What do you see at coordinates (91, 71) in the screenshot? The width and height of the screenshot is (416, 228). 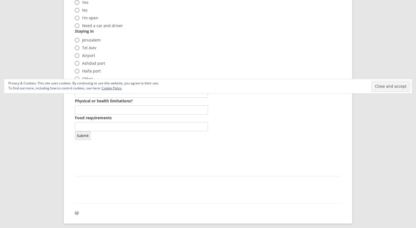 I see `'Haifa port'` at bounding box center [91, 71].